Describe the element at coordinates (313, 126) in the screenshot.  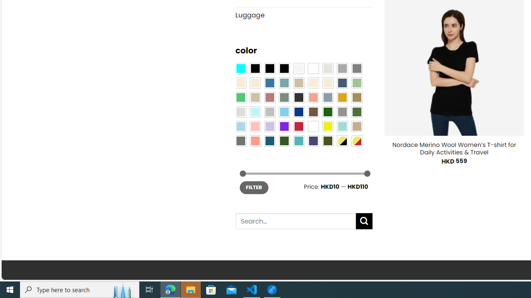
I see `'White'` at that location.